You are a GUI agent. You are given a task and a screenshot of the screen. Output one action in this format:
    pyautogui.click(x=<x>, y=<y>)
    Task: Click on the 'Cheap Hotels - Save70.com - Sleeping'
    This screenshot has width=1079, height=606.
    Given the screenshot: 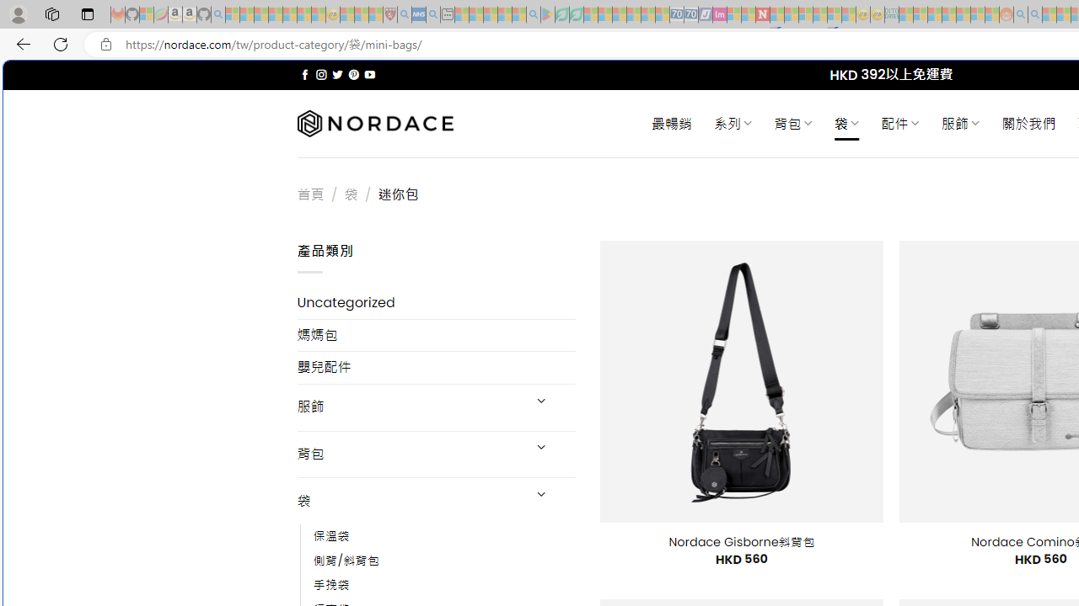 What is the action you would take?
    pyautogui.click(x=690, y=14)
    